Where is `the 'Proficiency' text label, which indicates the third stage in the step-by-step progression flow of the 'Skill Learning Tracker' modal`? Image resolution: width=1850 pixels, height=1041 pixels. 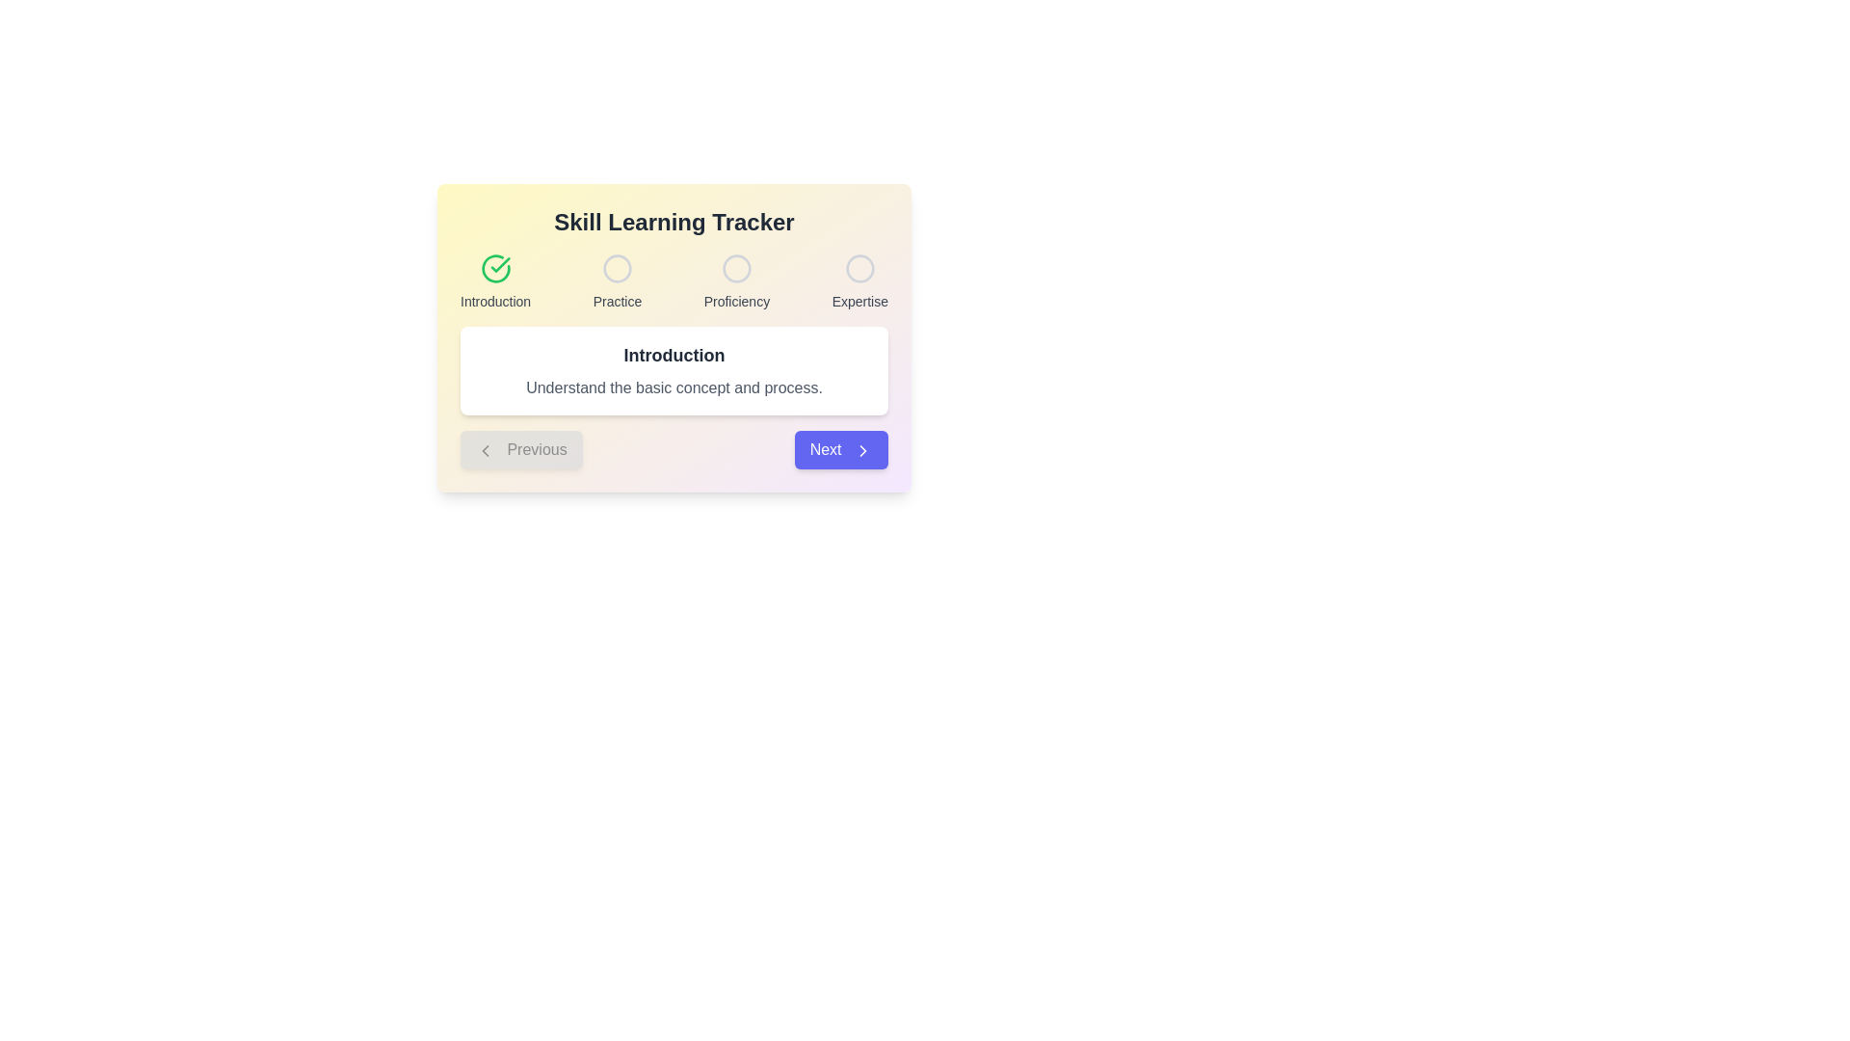 the 'Proficiency' text label, which indicates the third stage in the step-by-step progression flow of the 'Skill Learning Tracker' modal is located at coordinates (735, 301).